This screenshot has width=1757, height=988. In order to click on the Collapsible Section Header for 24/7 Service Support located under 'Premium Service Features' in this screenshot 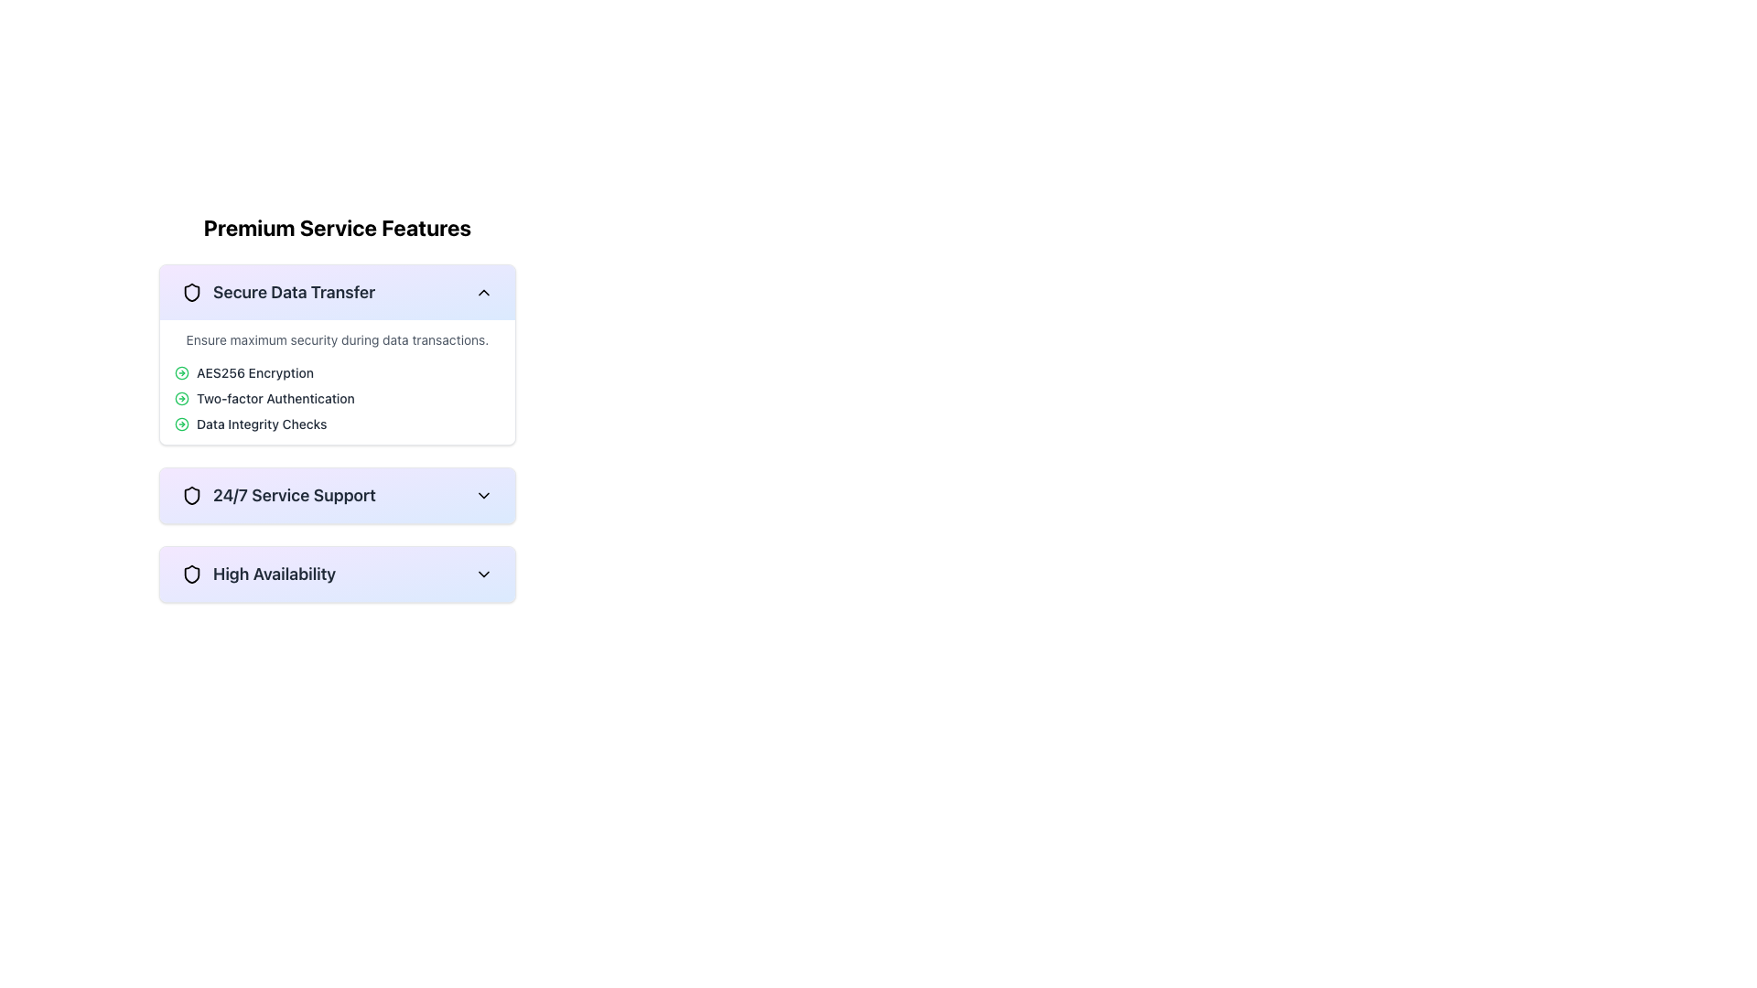, I will do `click(338, 496)`.